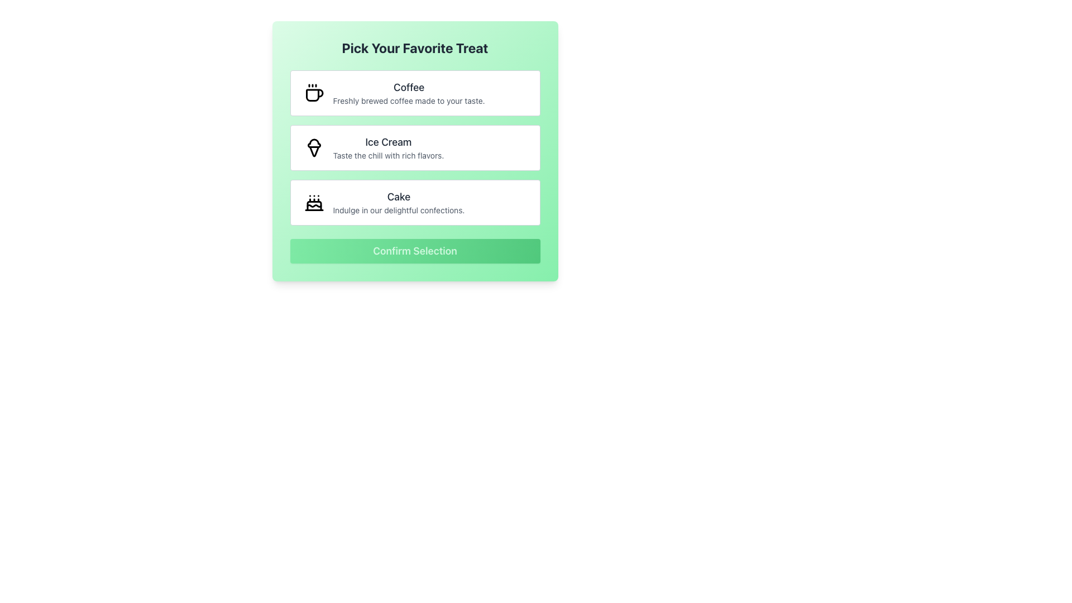  I want to click on the Text label indicating the selection item for freshly brewed coffee, located at the top of the page above its description, so click(408, 87).